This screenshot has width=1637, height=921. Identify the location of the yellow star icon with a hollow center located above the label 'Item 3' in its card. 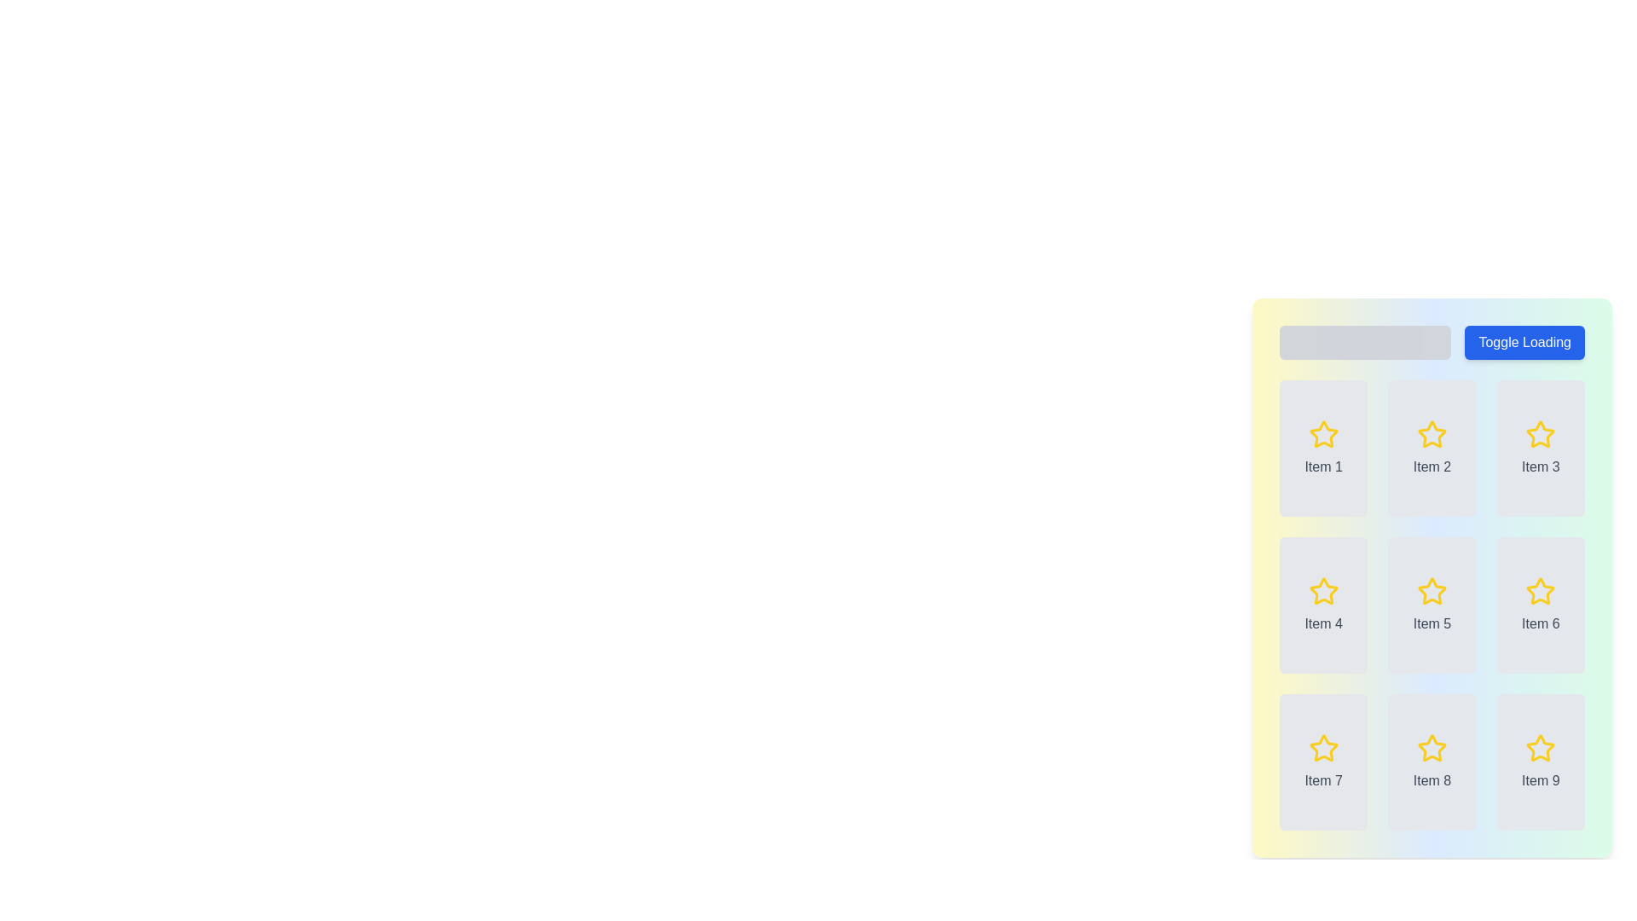
(1541, 433).